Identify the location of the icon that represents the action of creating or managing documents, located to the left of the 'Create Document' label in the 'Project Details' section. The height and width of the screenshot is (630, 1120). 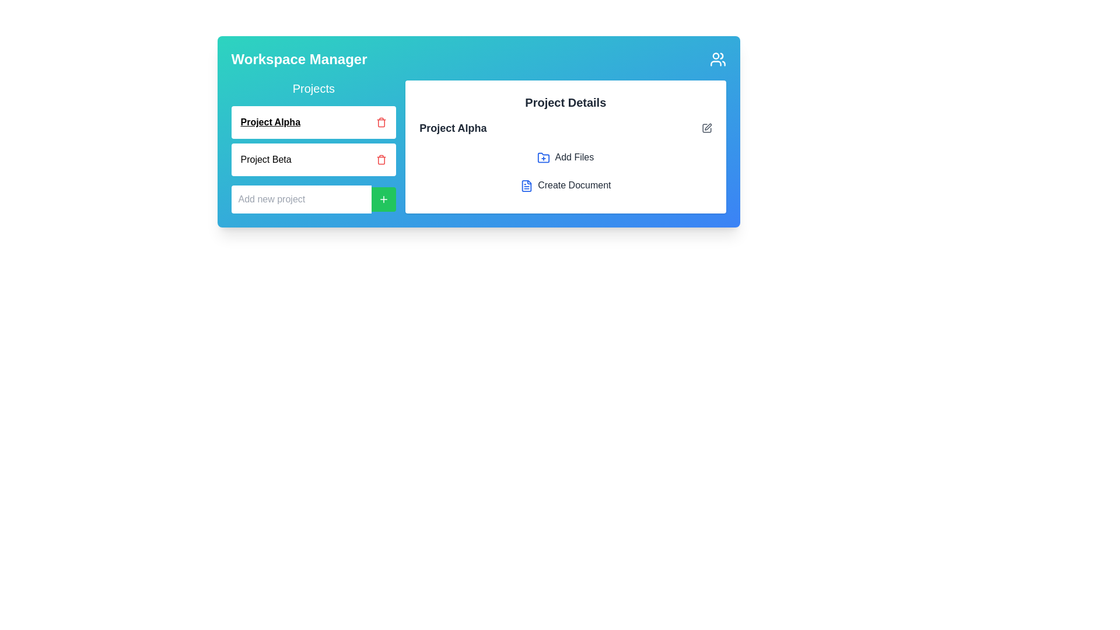
(526, 185).